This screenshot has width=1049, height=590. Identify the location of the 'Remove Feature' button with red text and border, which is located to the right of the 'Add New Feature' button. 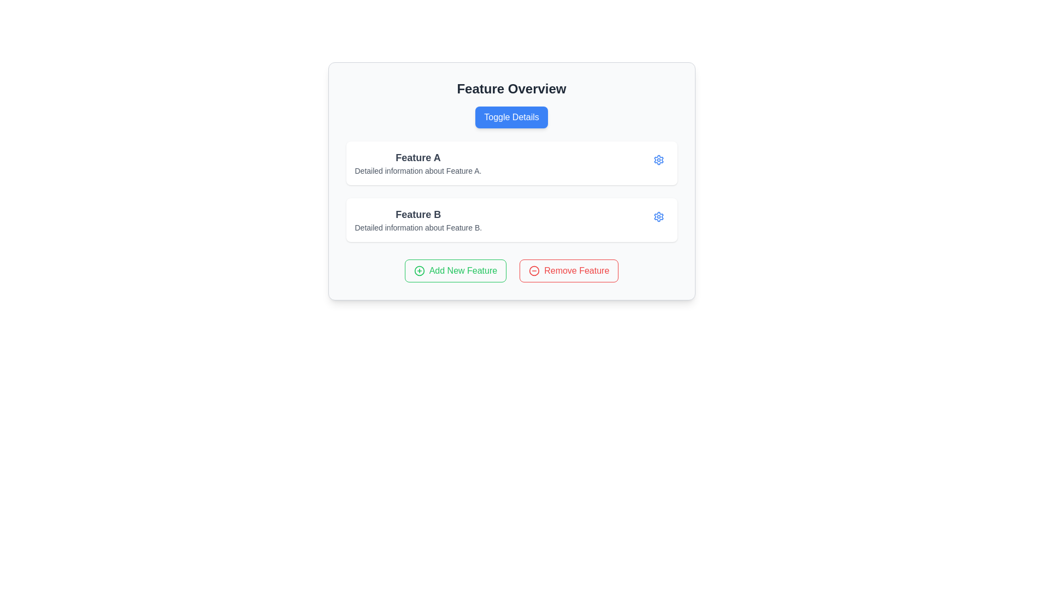
(568, 270).